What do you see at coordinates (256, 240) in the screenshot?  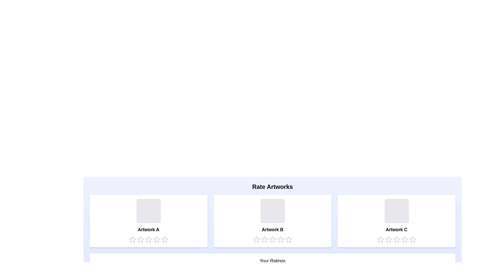 I see `the star corresponding to the rating 1 for the artwork Artwork B` at bounding box center [256, 240].